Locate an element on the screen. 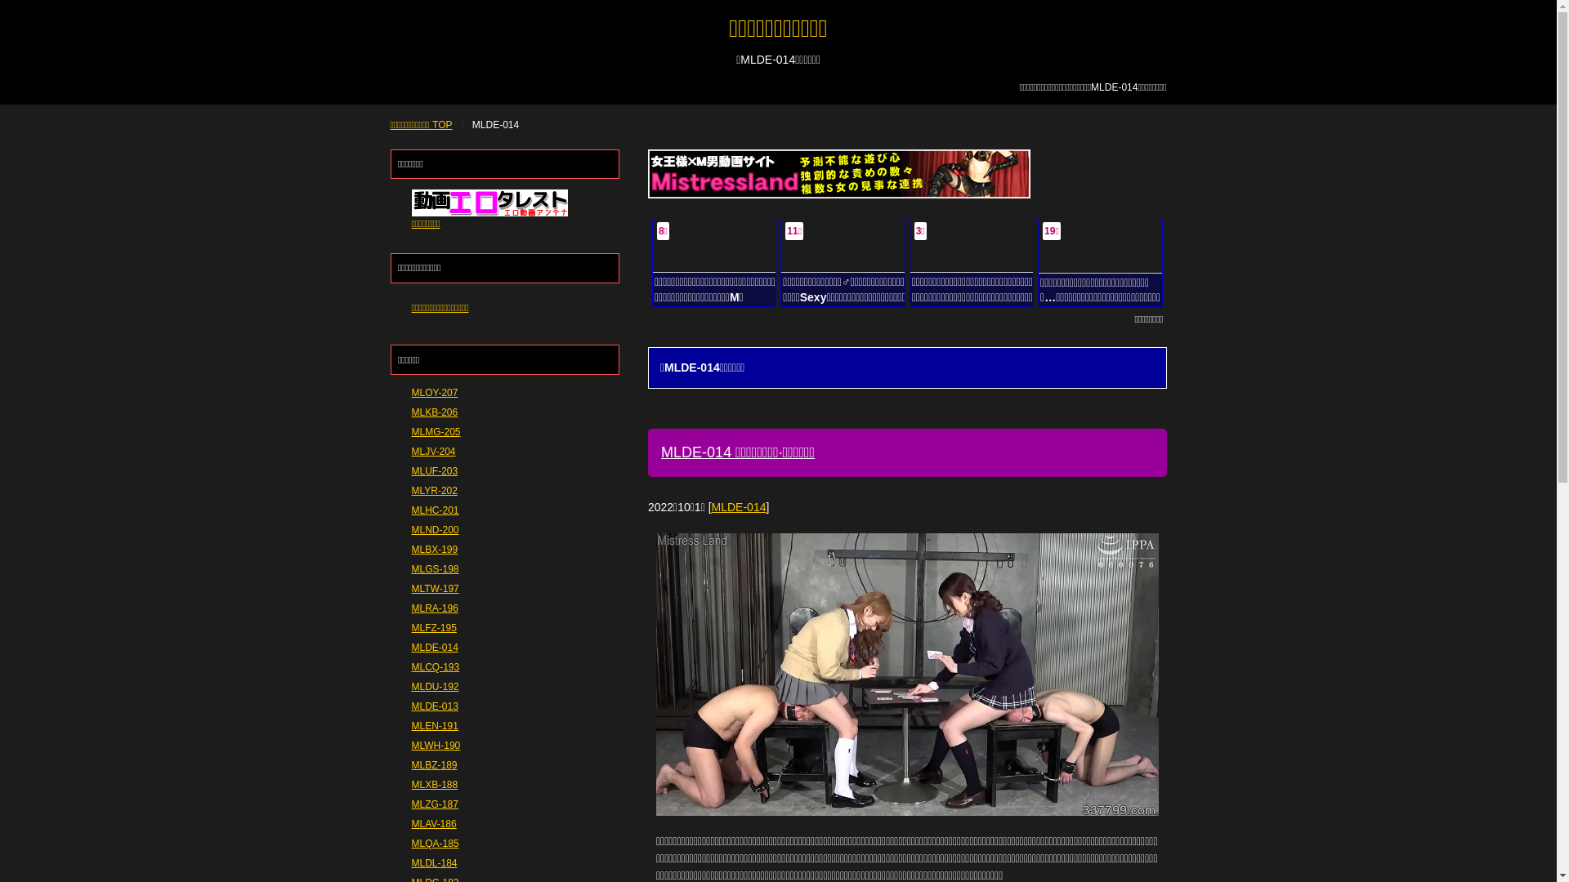  'MLDE-013' is located at coordinates (412, 705).